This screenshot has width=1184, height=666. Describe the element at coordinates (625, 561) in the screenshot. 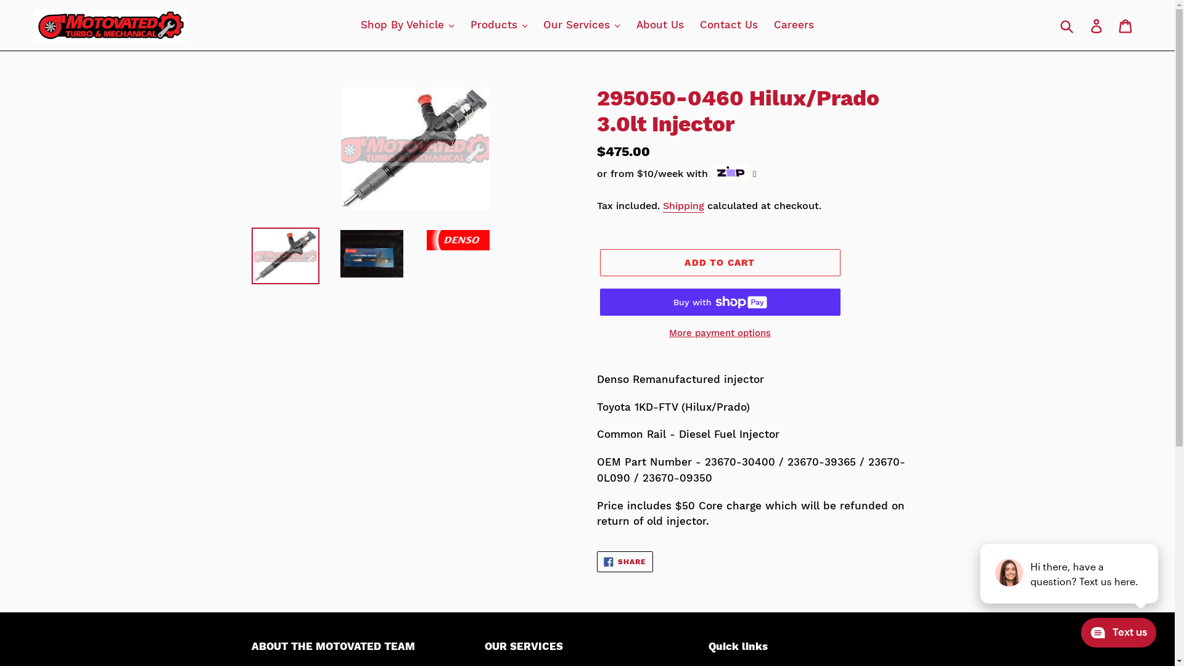

I see `'SHARE` at that location.